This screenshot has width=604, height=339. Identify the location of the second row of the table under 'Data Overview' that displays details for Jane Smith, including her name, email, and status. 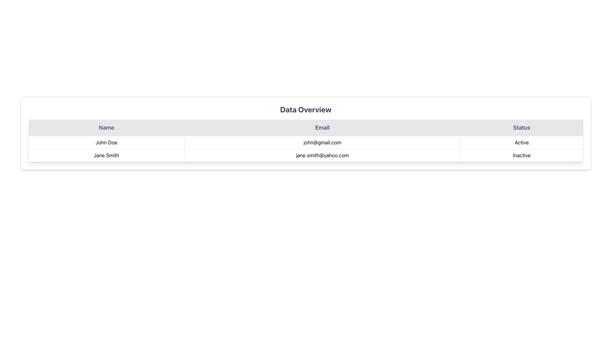
(305, 155).